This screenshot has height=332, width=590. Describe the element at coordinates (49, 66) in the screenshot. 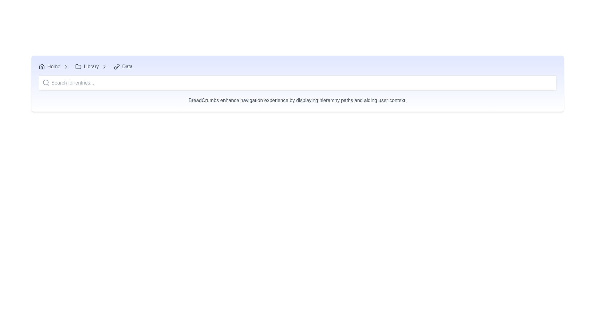

I see `the navigation link that serves as a link to the home page, located in the breadcrumb navigation bar at the top-left, before 'Library' and 'Data', to change its color` at that location.